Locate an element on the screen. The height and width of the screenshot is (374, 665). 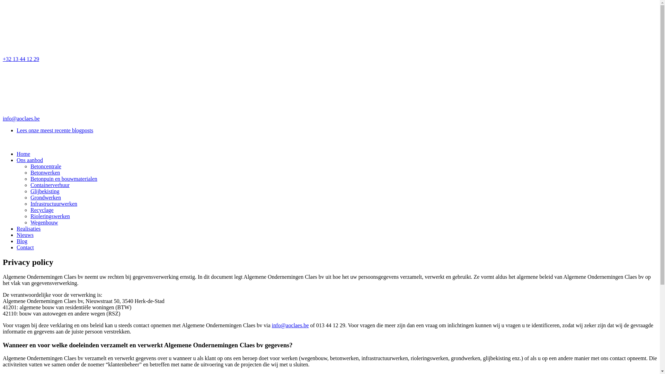
'Realisaties' is located at coordinates (28, 229).